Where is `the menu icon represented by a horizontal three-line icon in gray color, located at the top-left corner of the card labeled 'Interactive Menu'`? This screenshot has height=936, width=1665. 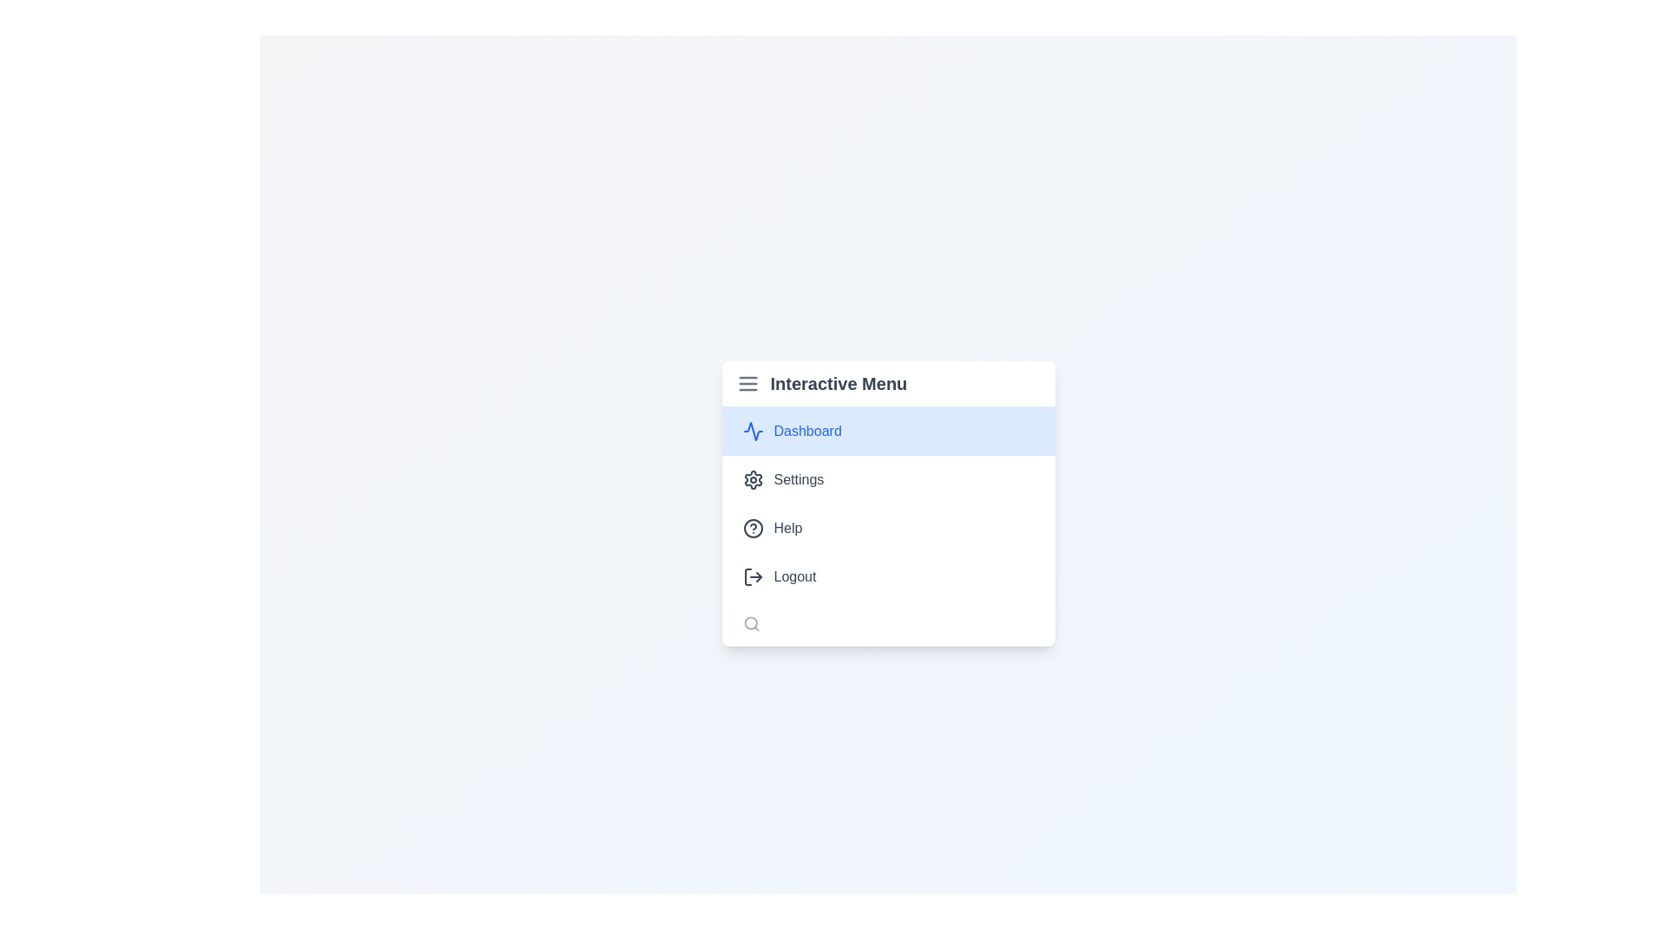
the menu icon represented by a horizontal three-line icon in gray color, located at the top-left corner of the card labeled 'Interactive Menu' is located at coordinates (748, 382).